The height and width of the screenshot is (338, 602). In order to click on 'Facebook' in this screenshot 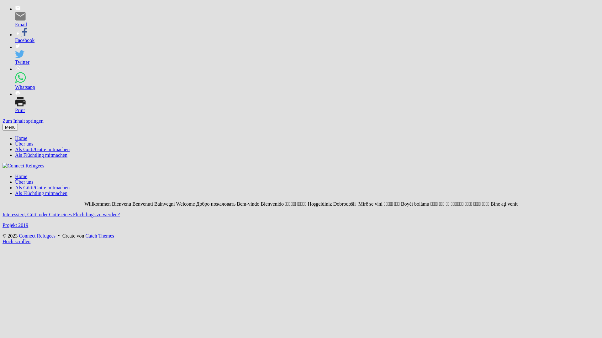, I will do `click(23, 37)`.